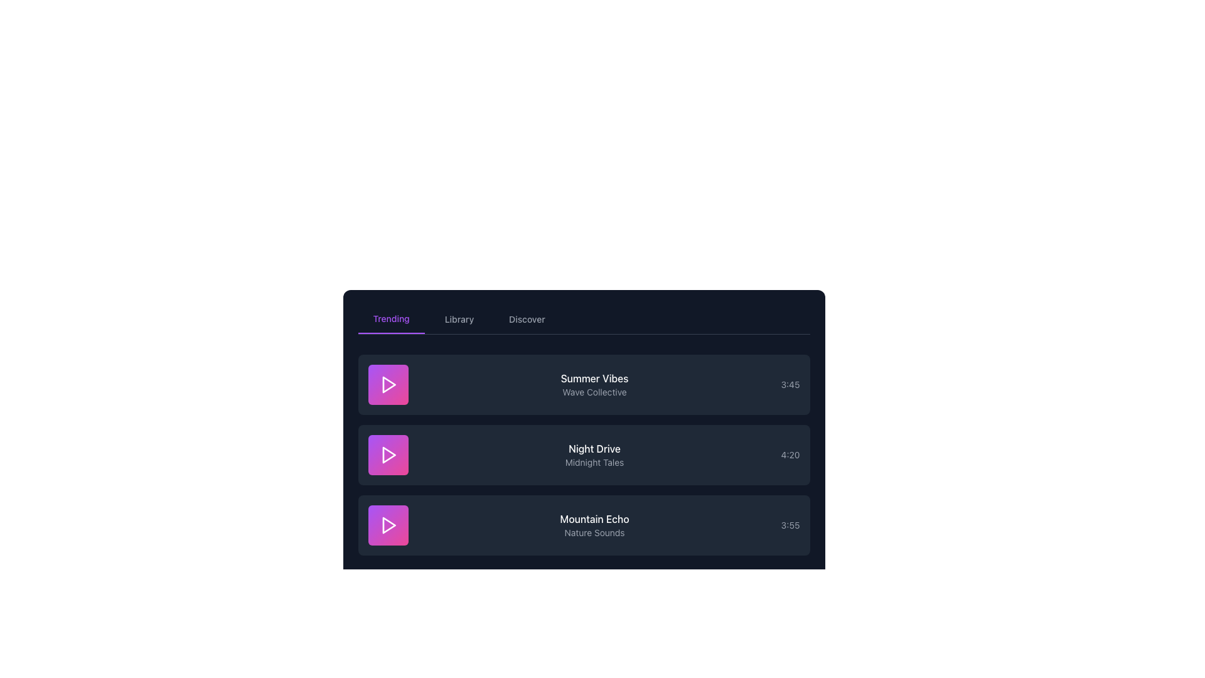 The width and height of the screenshot is (1205, 678). Describe the element at coordinates (583, 455) in the screenshot. I see `the second clickable music entry in the list, which displays the title, artist, and duration` at that location.